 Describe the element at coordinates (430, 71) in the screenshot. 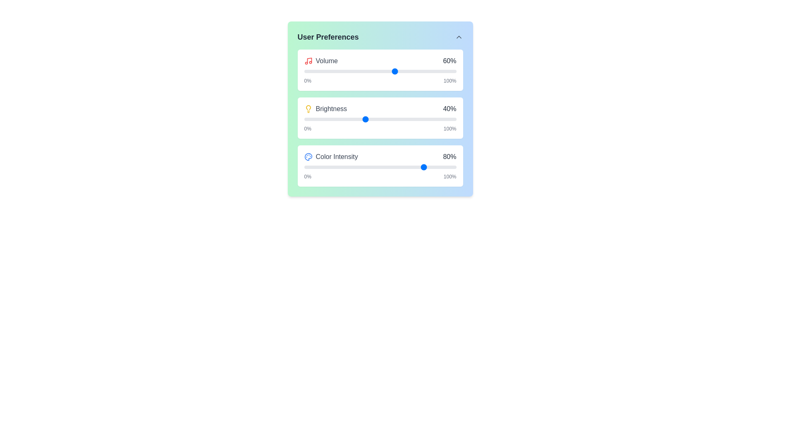

I see `the volume` at that location.